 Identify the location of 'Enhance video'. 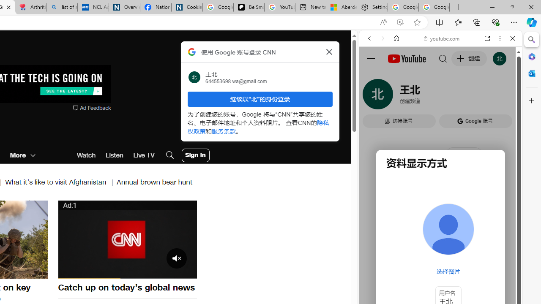
(399, 22).